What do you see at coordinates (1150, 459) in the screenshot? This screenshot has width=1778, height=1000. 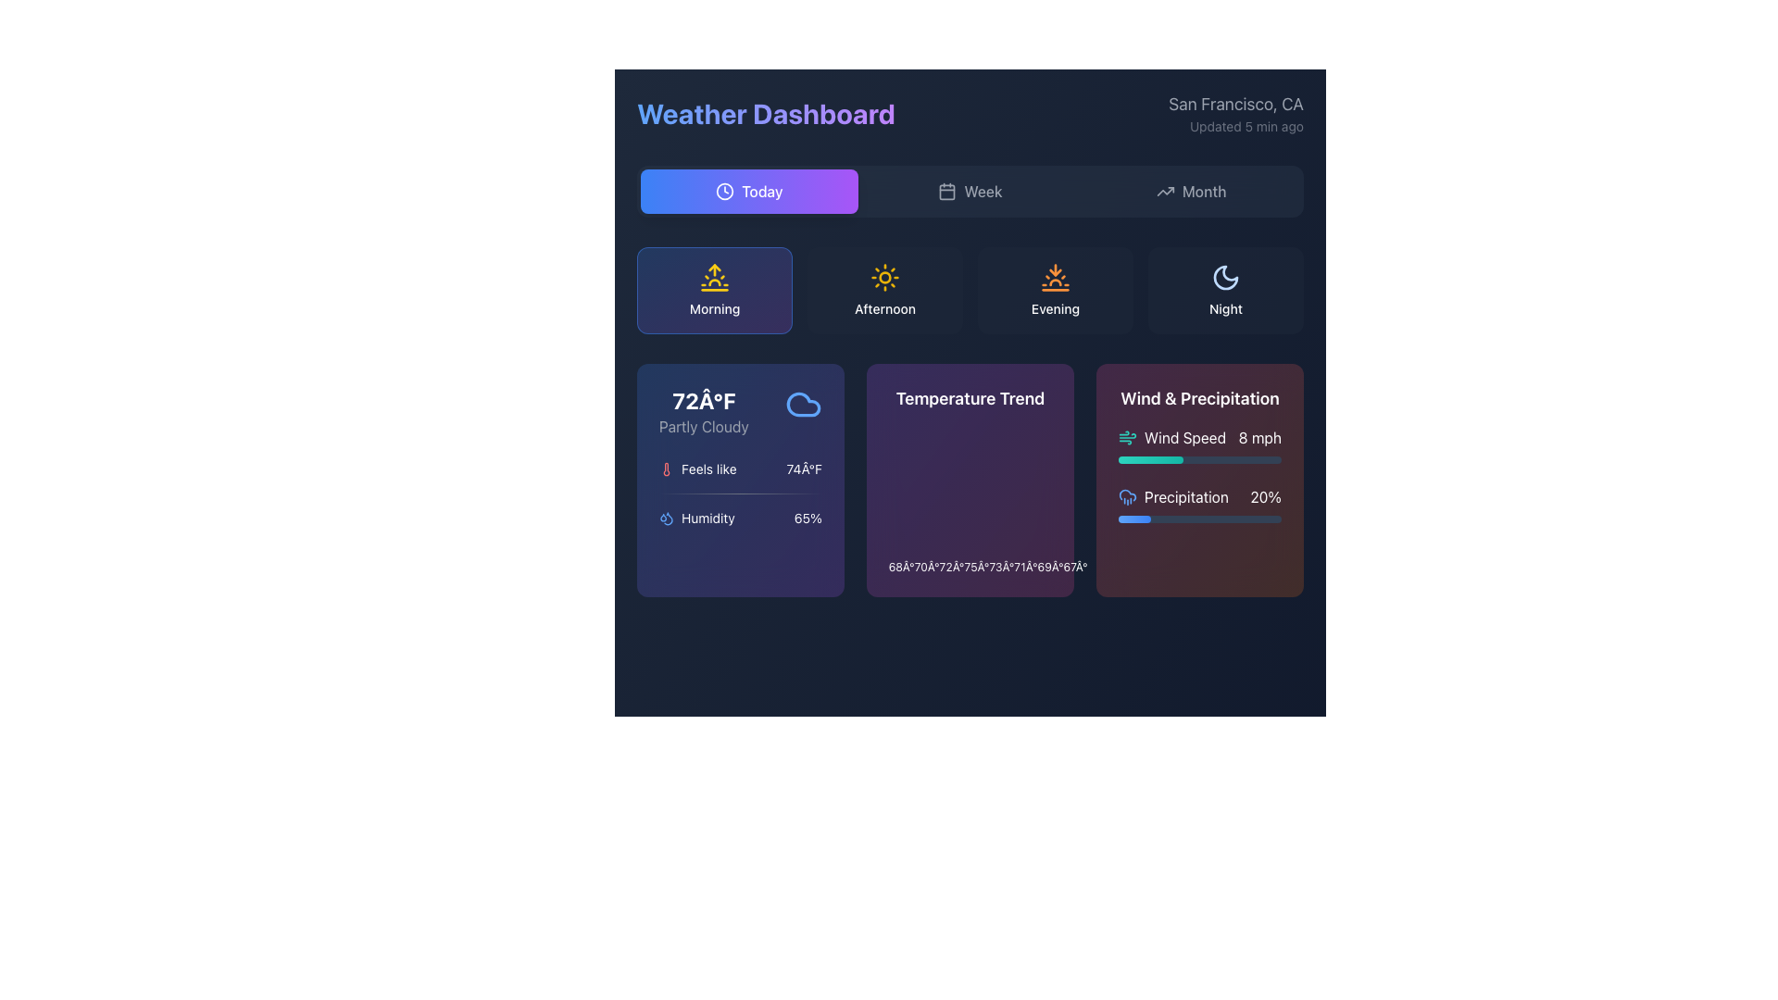 I see `visual state of the Progress bar representing wind speed located in the 'Wind Speed' section of the 'Wind & Precipitation' card` at bounding box center [1150, 459].